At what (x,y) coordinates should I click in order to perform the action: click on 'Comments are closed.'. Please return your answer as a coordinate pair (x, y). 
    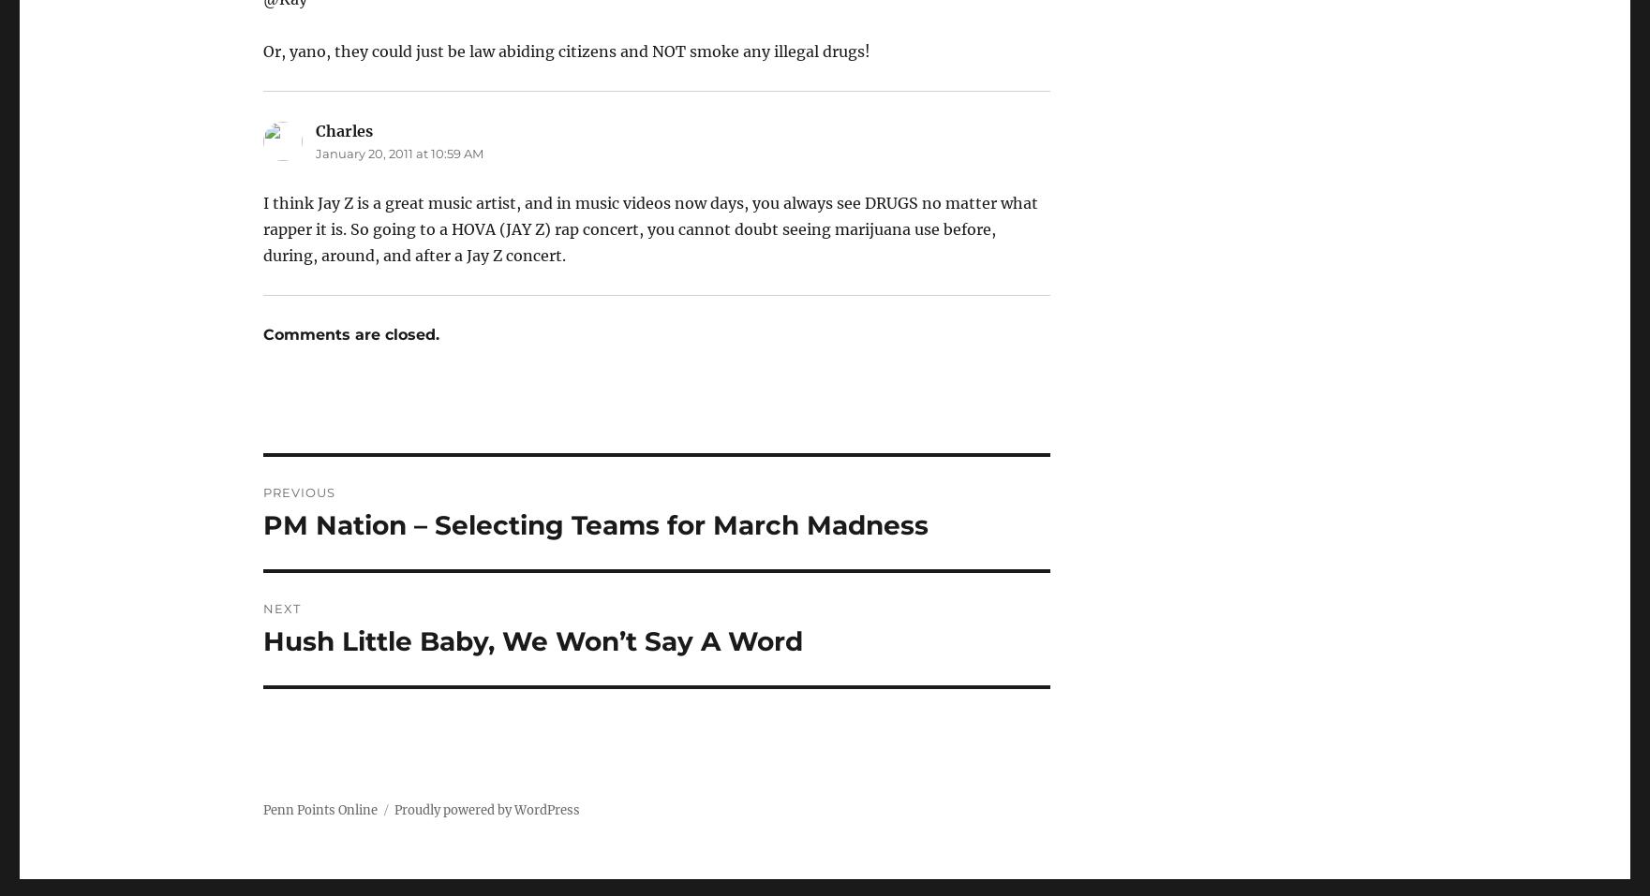
    Looking at the image, I should click on (349, 334).